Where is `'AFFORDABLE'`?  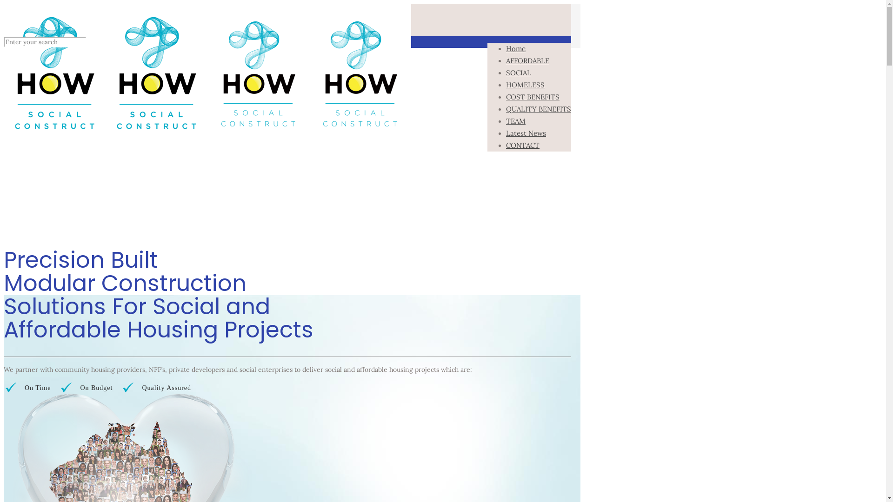 'AFFORDABLE' is located at coordinates (527, 60).